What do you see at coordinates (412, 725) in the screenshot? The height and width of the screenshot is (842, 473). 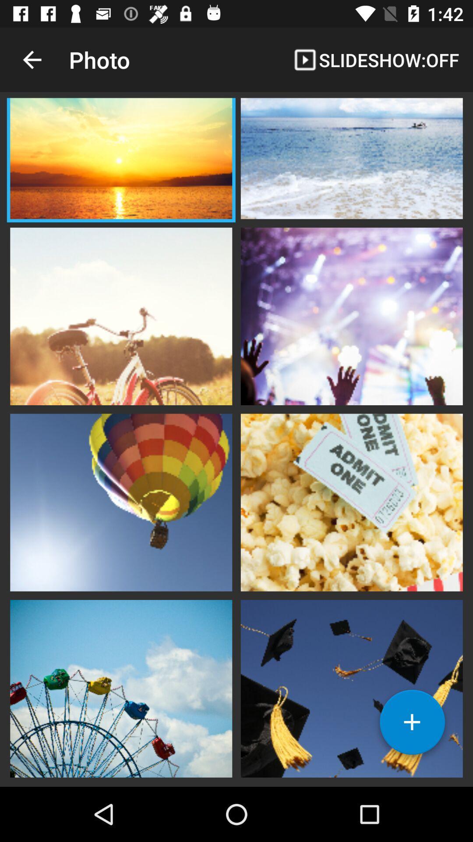 I see `a photo` at bounding box center [412, 725].